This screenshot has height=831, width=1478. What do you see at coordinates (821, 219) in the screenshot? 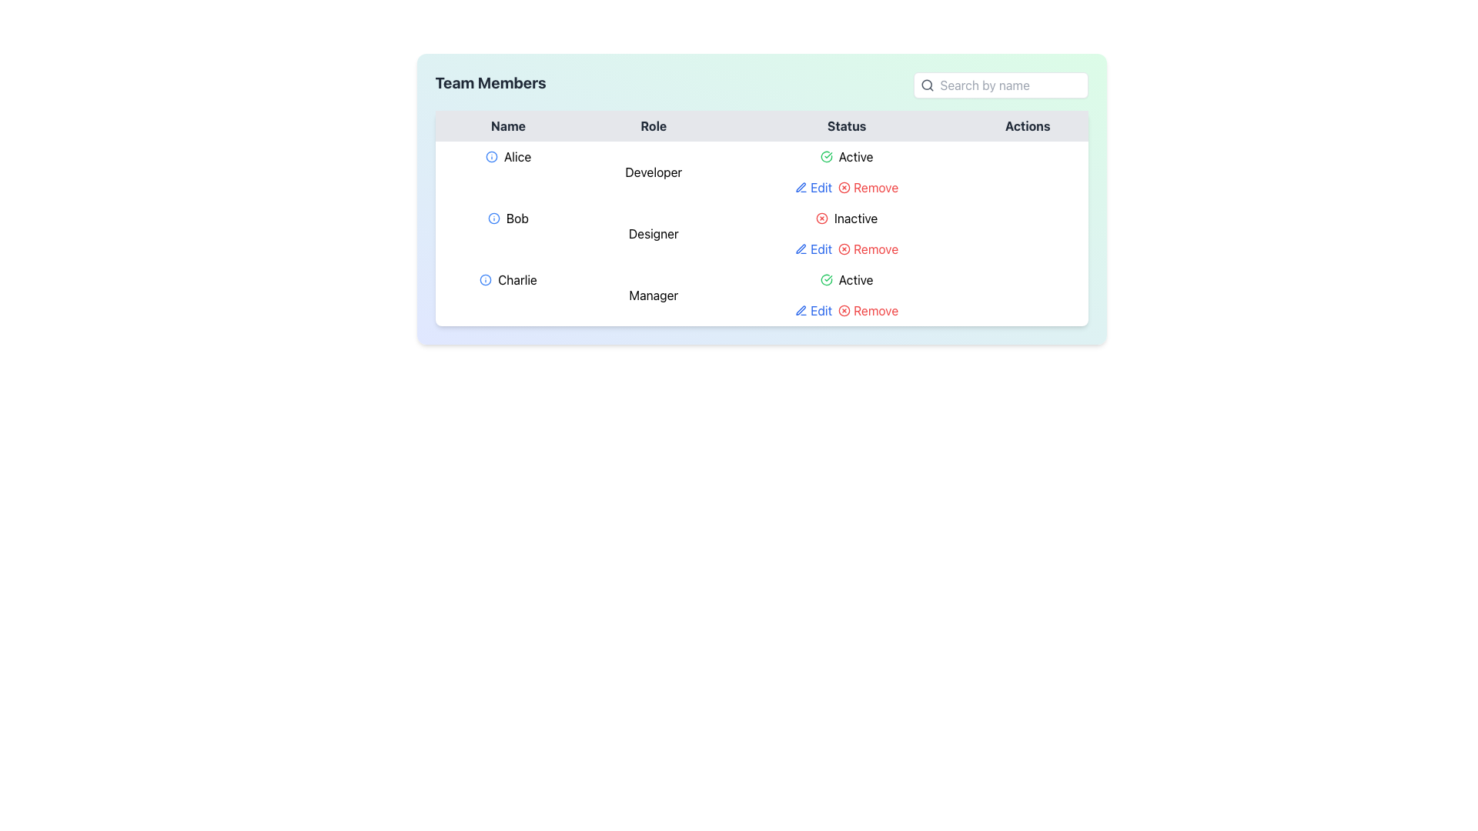
I see `the circular red outlined icon with a red 'X' symbol located under the 'Status' column next to 'Bob' in the 'Team Members' table, indicating 'inactive'` at bounding box center [821, 219].